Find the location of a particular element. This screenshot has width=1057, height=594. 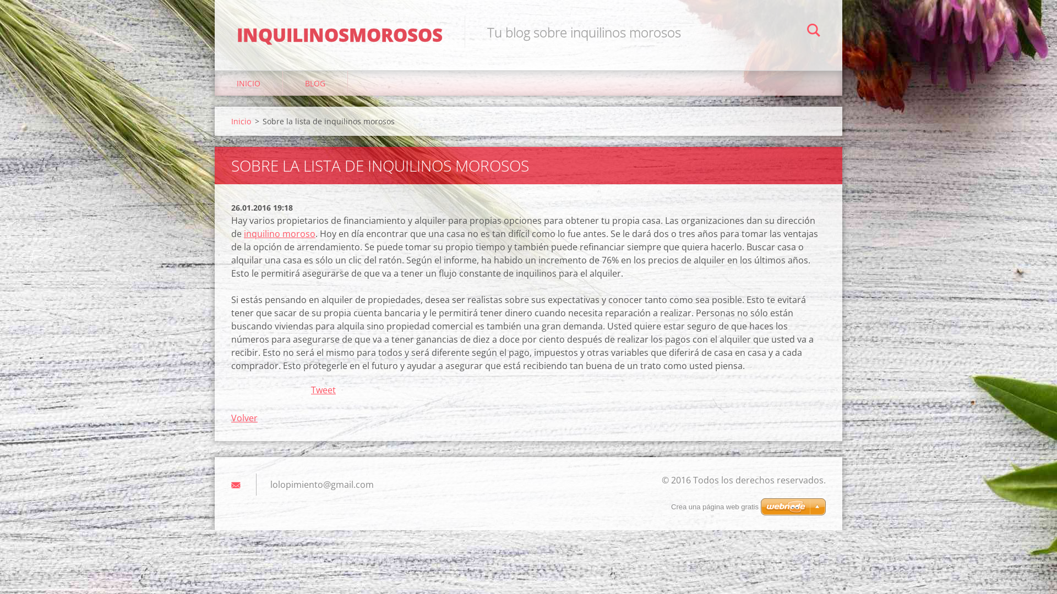

'Buscar' is located at coordinates (814, 31).